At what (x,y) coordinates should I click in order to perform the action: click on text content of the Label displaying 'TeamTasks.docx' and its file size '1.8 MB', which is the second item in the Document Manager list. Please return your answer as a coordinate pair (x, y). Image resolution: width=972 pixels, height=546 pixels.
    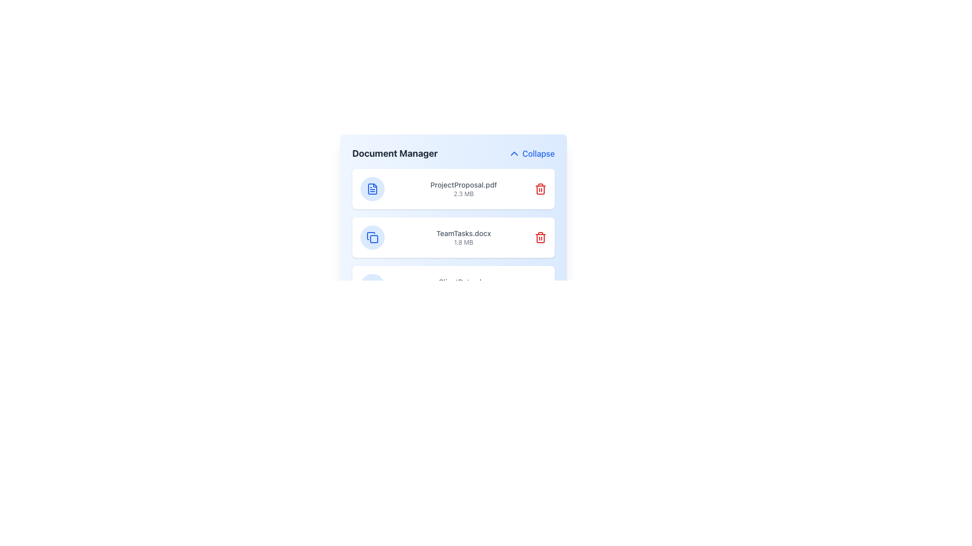
    Looking at the image, I should click on (463, 238).